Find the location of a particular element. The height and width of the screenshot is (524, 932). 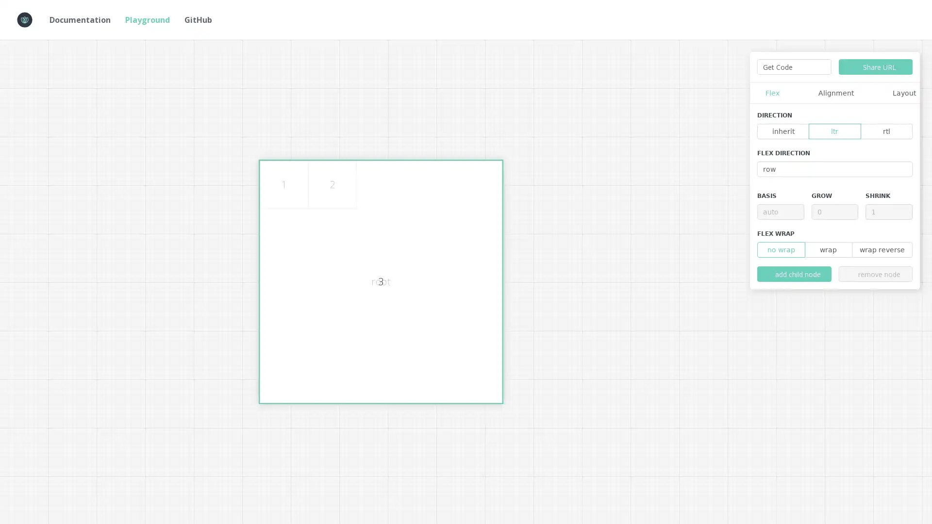

remove node is located at coordinates (875, 274).